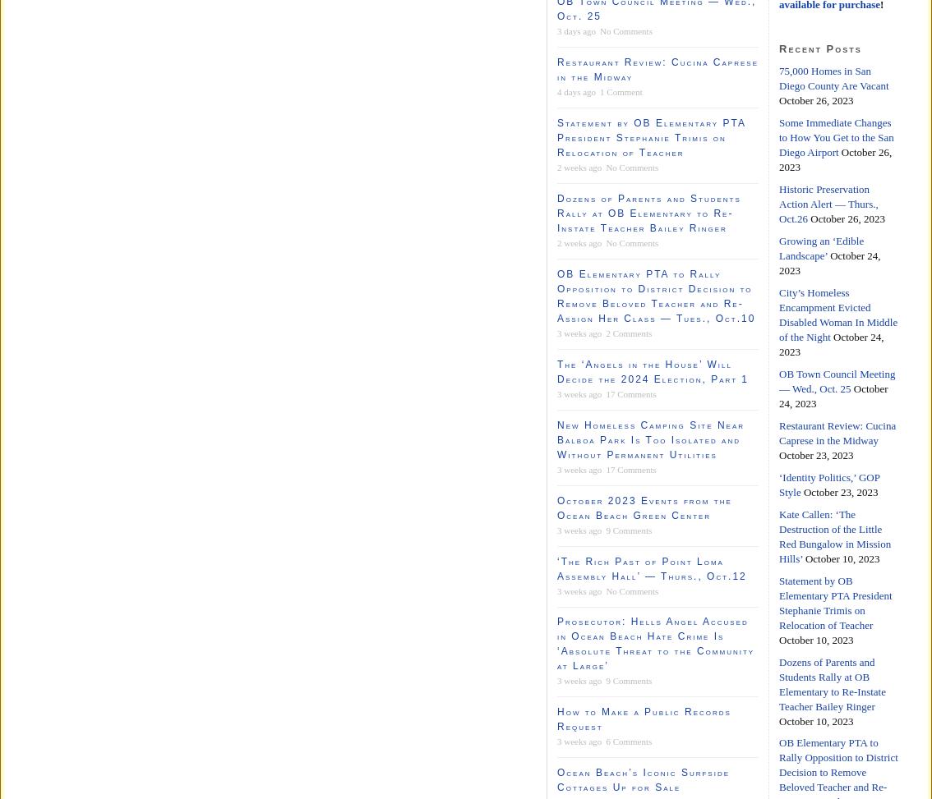 The width and height of the screenshot is (932, 799). Describe the element at coordinates (556, 567) in the screenshot. I see `'‘The Rich Past of Point Loma Assembly Hall’ — Thurs., Oct.12'` at that location.